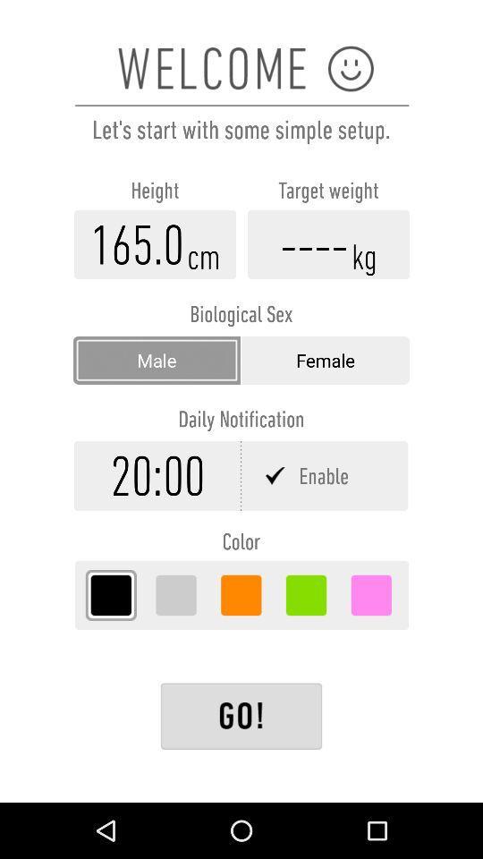 The image size is (483, 859). Describe the element at coordinates (325, 474) in the screenshot. I see `daily notification` at that location.